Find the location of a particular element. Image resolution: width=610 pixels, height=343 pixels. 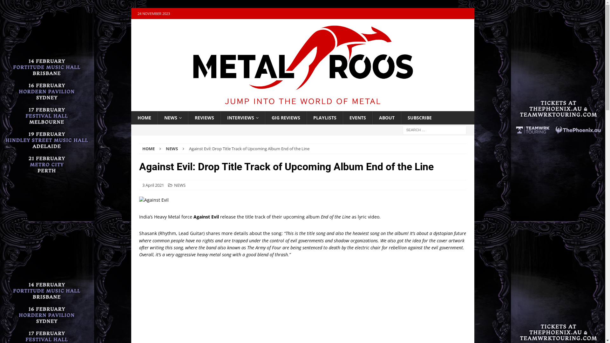

'ABOUT' is located at coordinates (386, 118).